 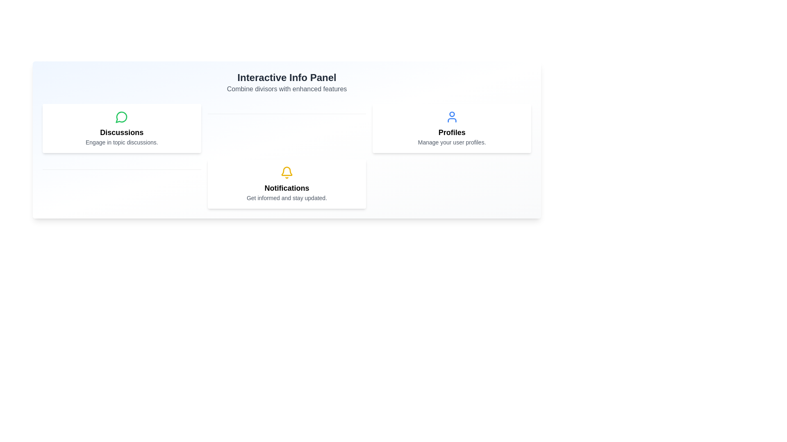 What do you see at coordinates (121, 128) in the screenshot?
I see `the first informational card on the left side of the three-column grid layout, which guides users towards engaging in topic discussions` at bounding box center [121, 128].